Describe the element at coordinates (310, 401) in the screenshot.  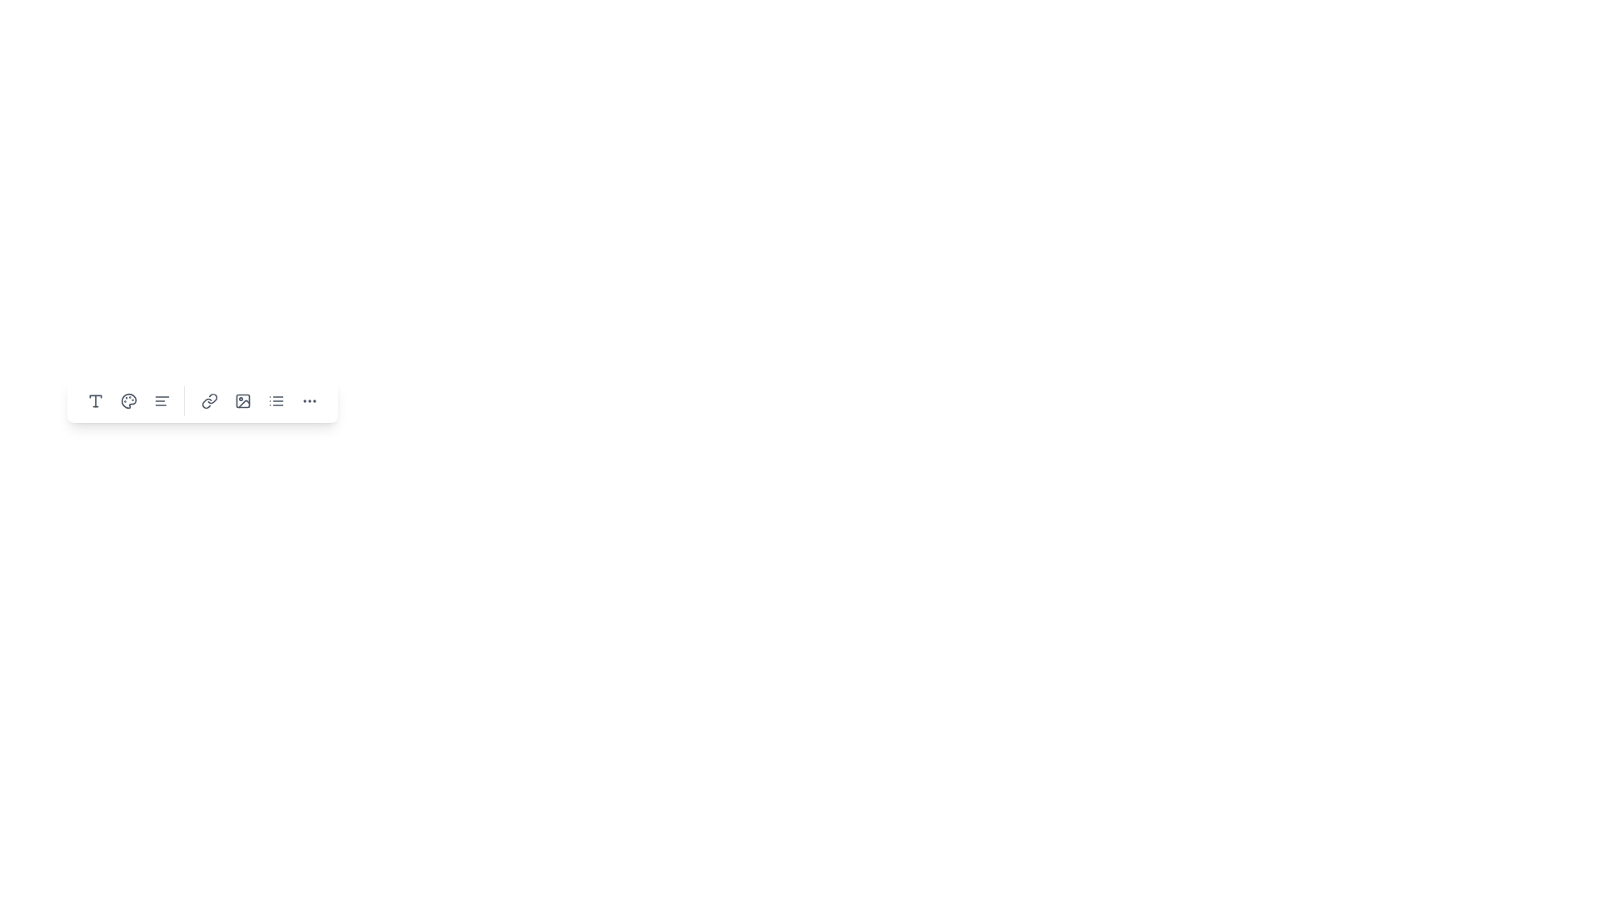
I see `the Icon (Horizontal Ellipsis) located in the bottom-right corner of the toolbar` at that location.